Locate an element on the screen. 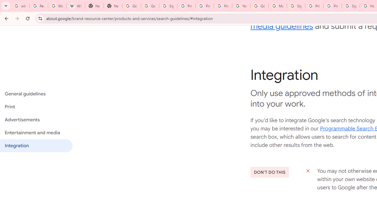 The height and width of the screenshot is (212, 377). 'Print' is located at coordinates (36, 107).